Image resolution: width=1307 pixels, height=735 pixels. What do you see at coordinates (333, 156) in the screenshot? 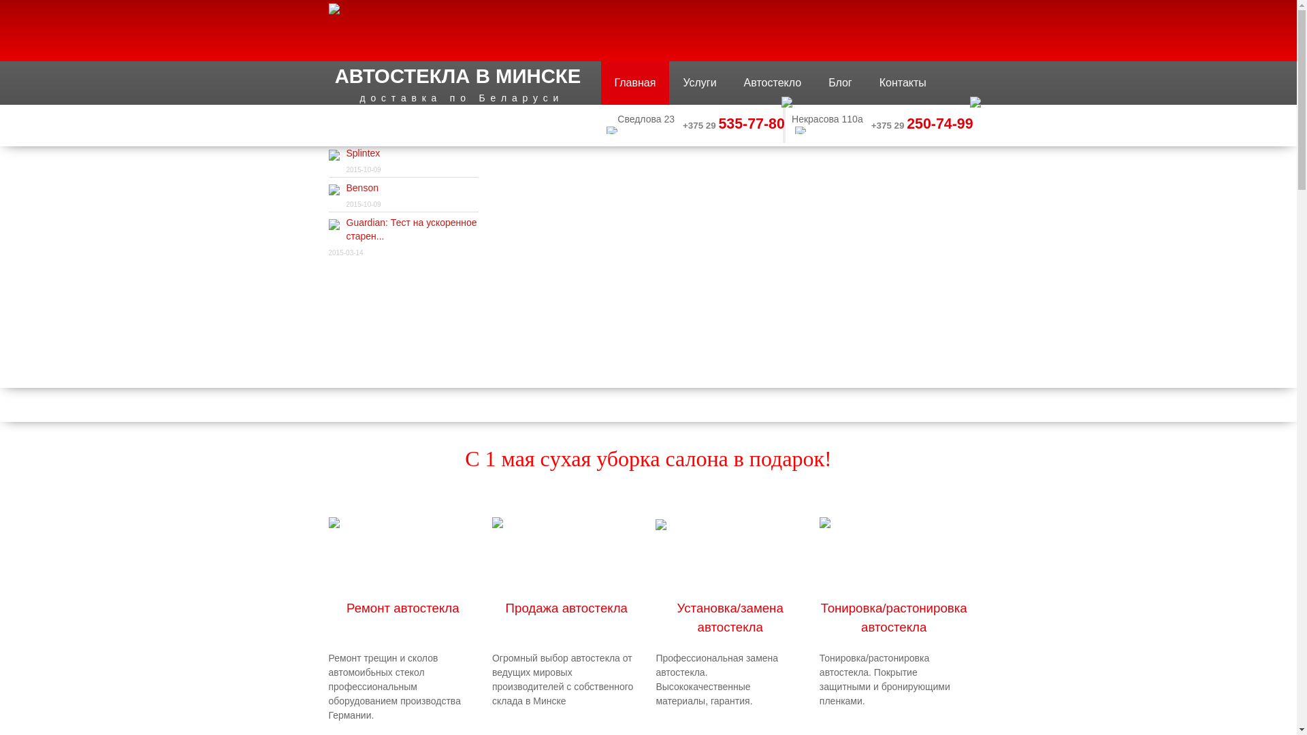
I see `'Splintex'` at bounding box center [333, 156].